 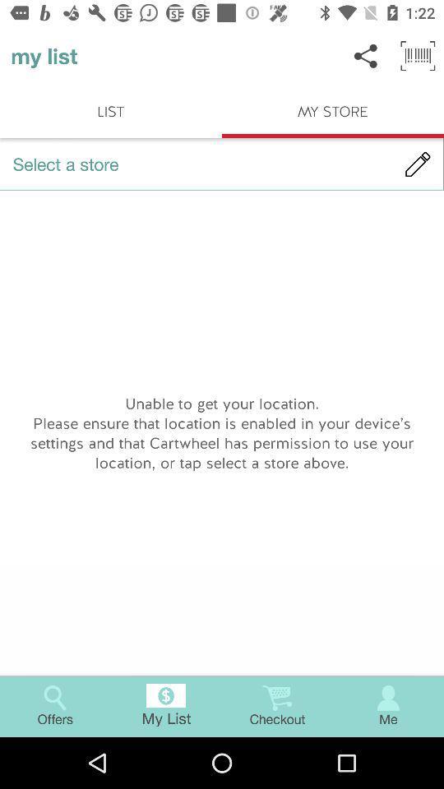 What do you see at coordinates (222, 164) in the screenshot?
I see `select a store item` at bounding box center [222, 164].